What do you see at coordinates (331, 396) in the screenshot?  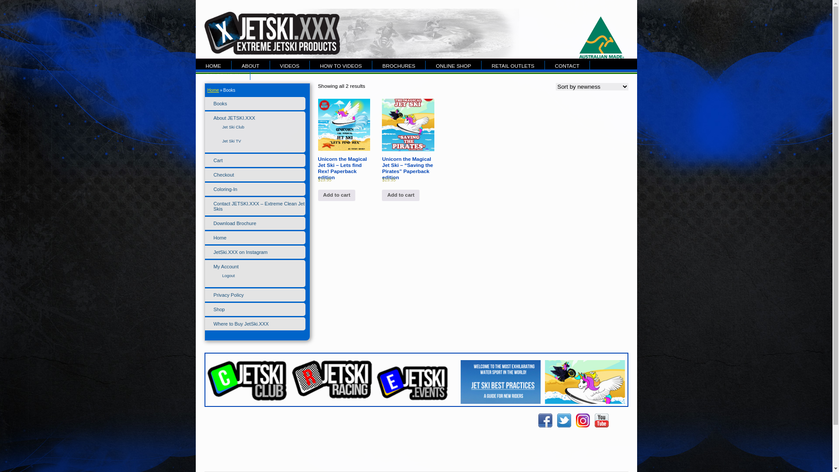 I see `'Jet Ski Racing'` at bounding box center [331, 396].